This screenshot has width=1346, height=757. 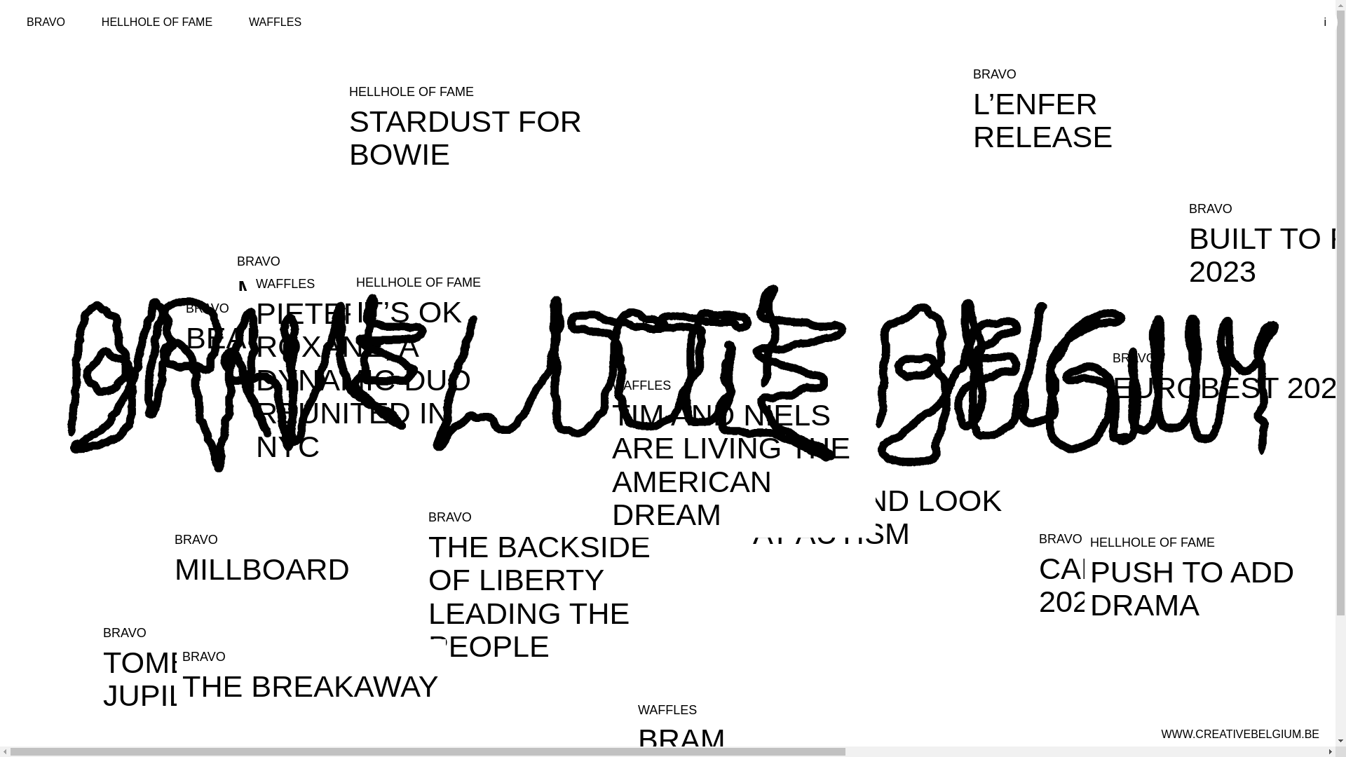 I want to click on 'BRAVO', so click(x=46, y=22).